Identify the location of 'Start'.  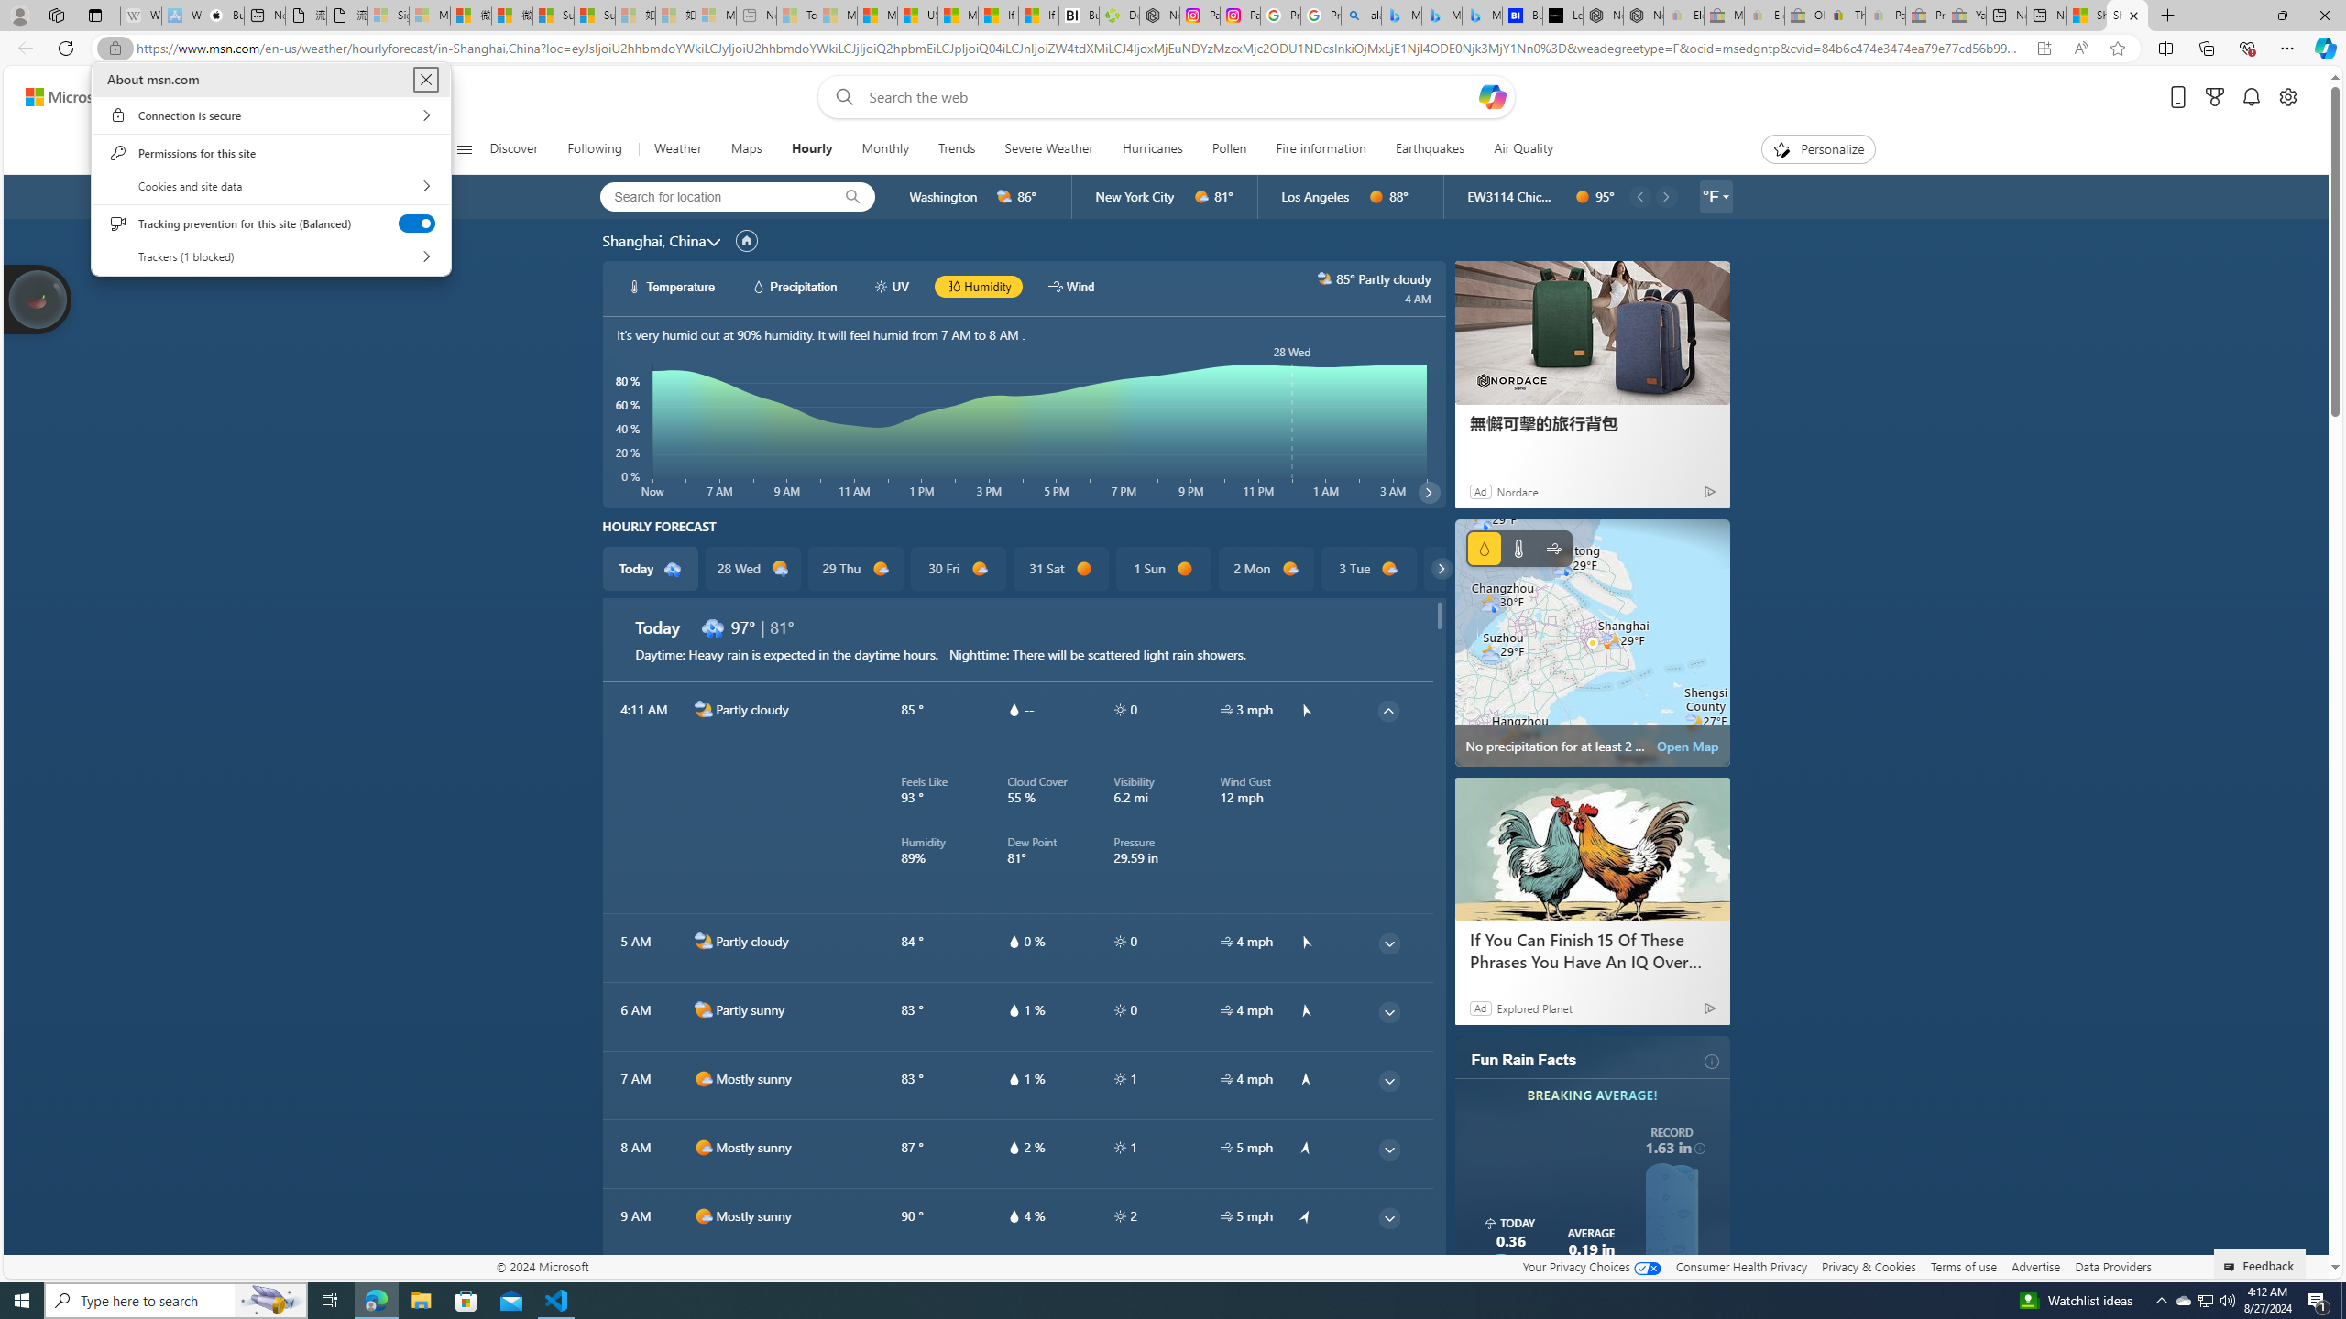
(22, 1299).